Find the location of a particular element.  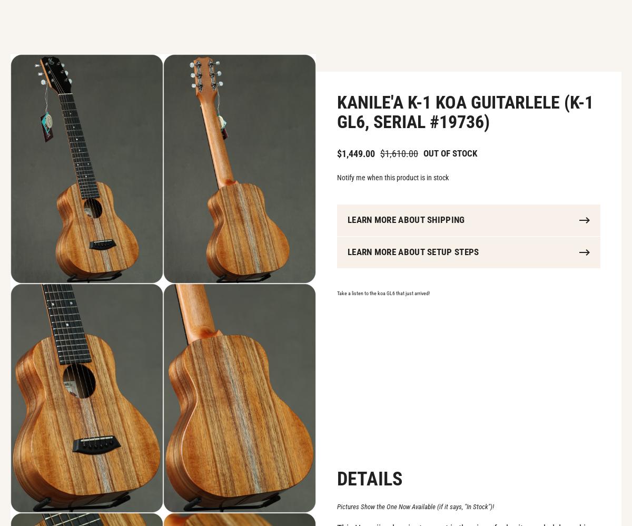

'UNITED STATES FISH AND WILDLIFE PERMIT:' is located at coordinates (108, 357).